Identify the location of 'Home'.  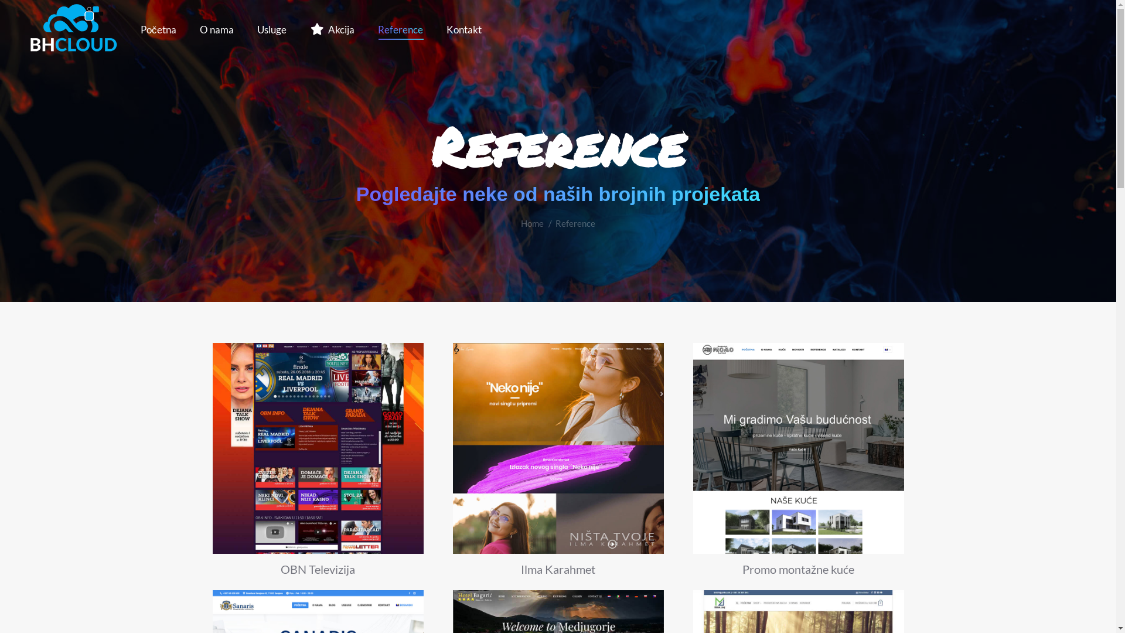
(531, 223).